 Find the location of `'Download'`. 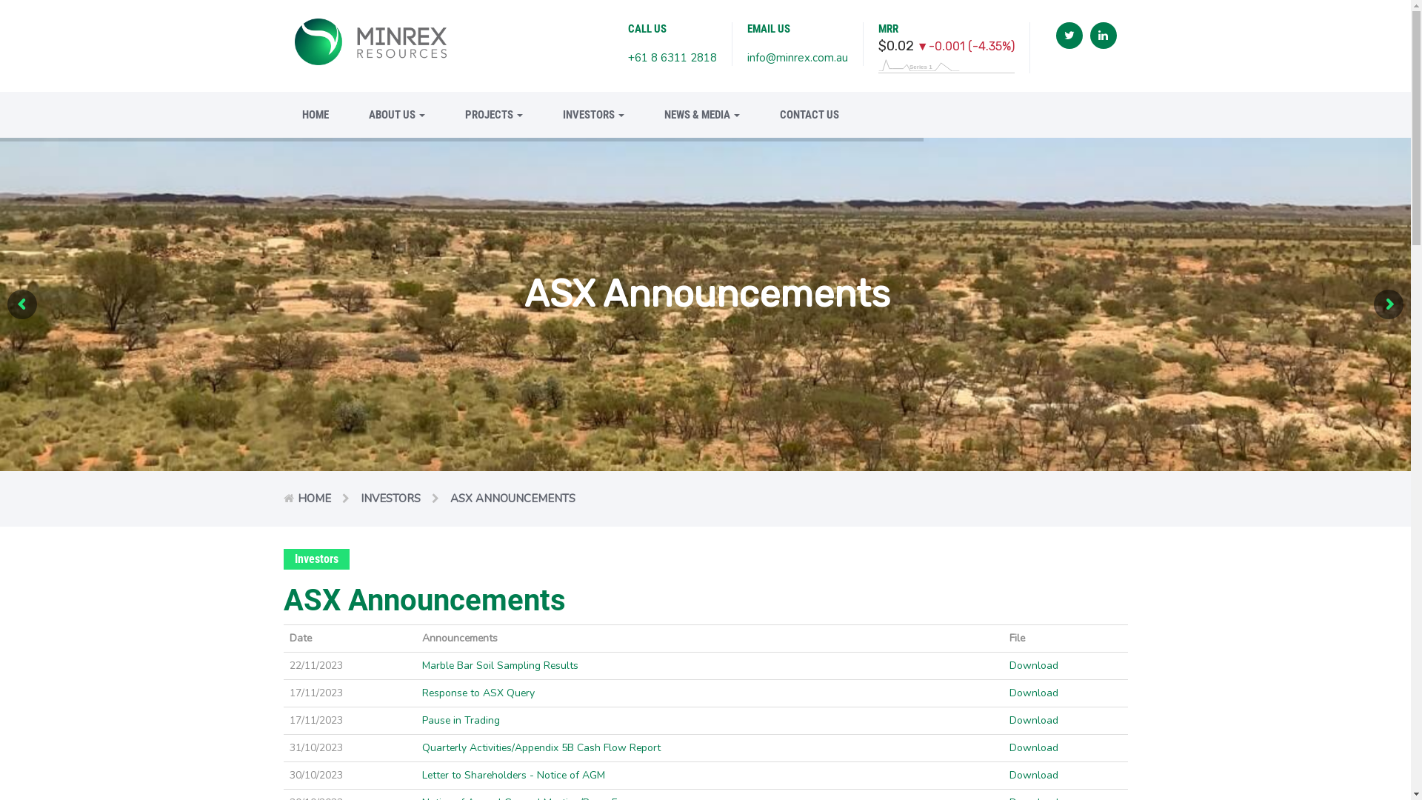

'Download' is located at coordinates (1033, 693).